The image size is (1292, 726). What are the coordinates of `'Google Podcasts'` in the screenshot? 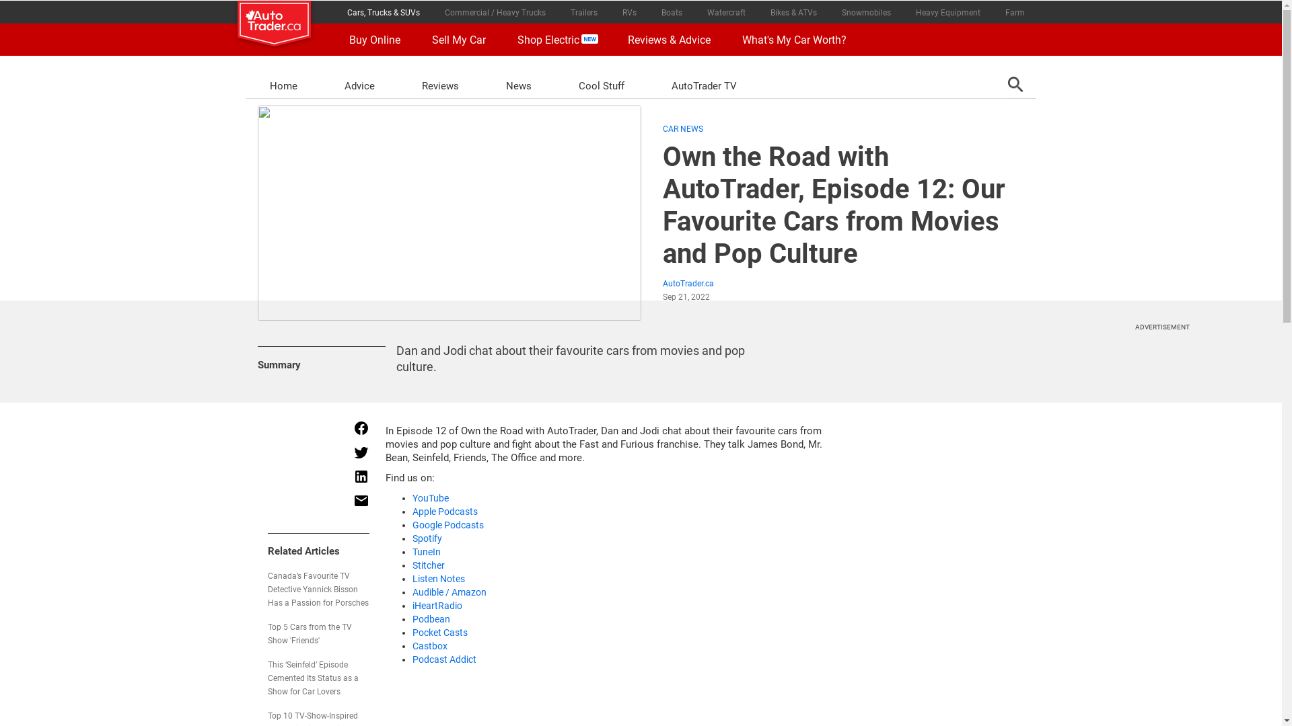 It's located at (447, 524).